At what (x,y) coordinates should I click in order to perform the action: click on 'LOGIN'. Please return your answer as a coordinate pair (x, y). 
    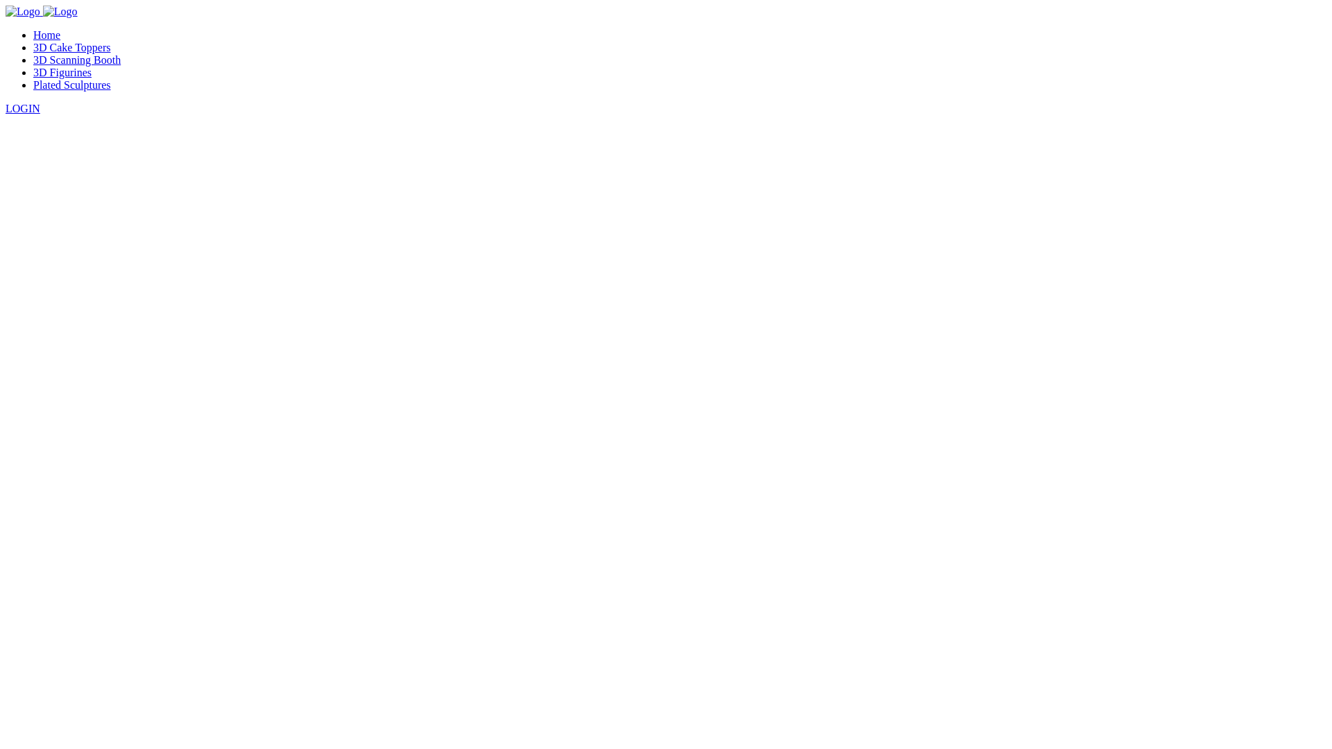
    Looking at the image, I should click on (23, 107).